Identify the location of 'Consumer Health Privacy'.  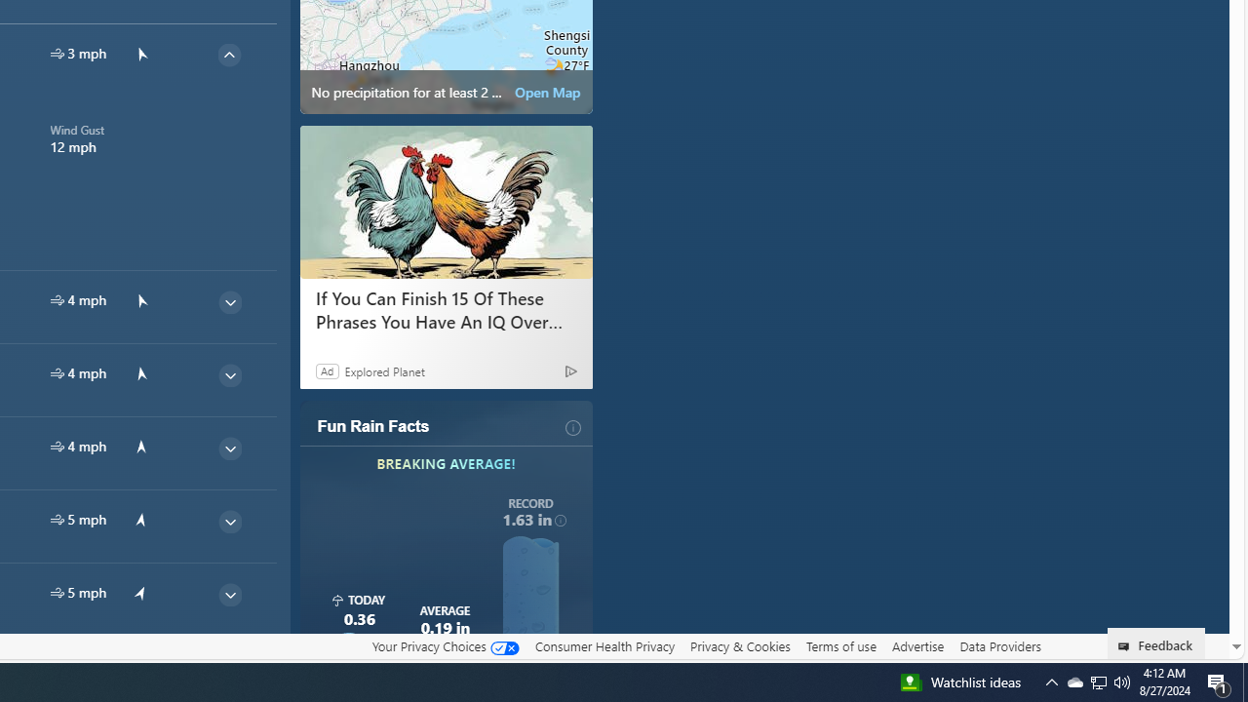
(604, 645).